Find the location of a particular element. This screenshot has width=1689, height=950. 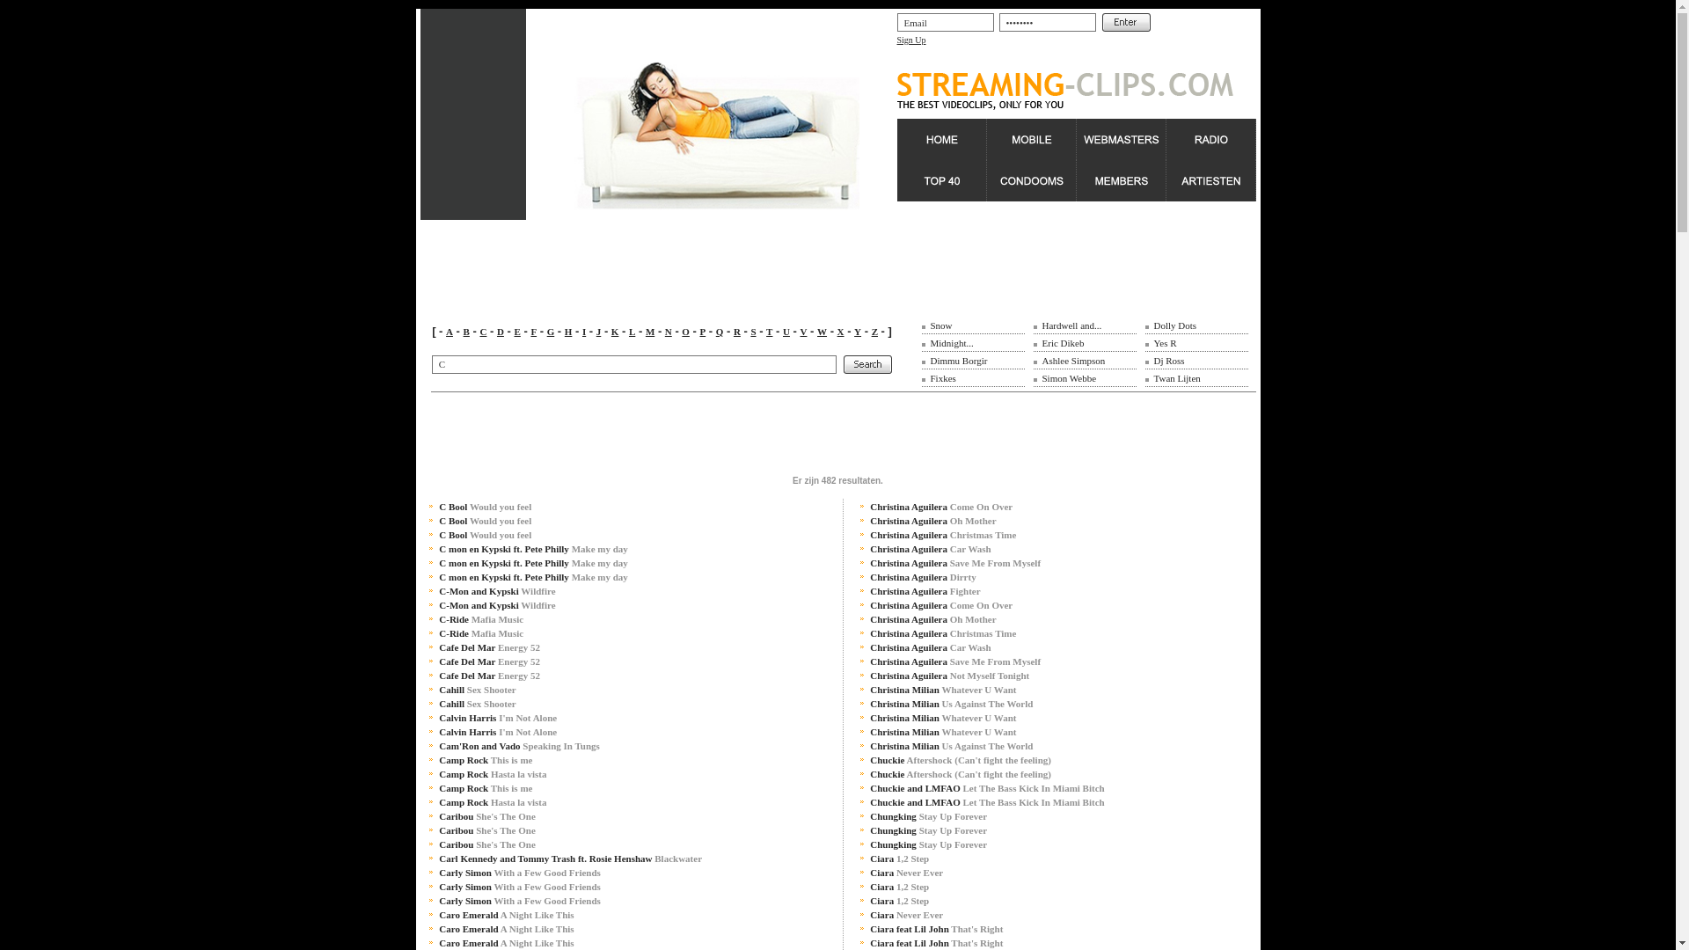

'Z' is located at coordinates (871, 332).